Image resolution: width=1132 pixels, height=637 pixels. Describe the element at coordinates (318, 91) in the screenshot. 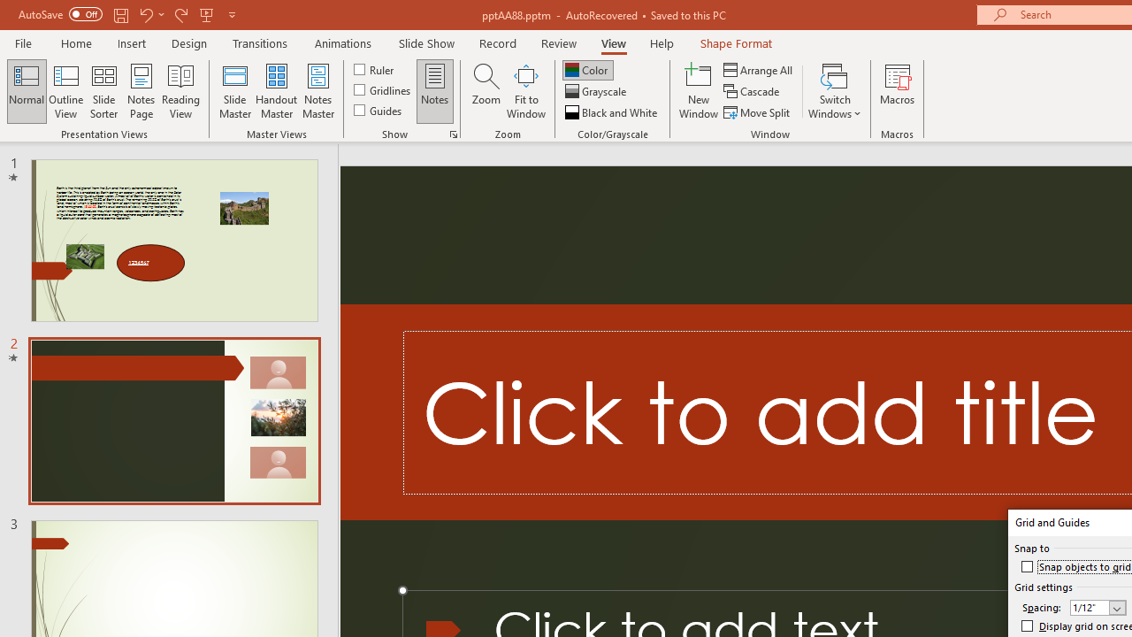

I see `'Notes Master'` at that location.